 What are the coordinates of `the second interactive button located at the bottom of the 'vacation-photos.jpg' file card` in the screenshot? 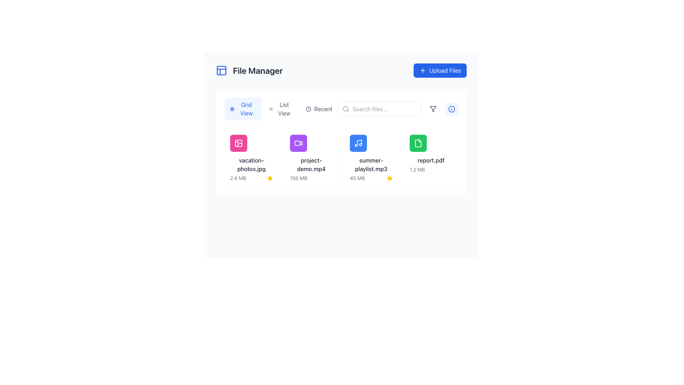 It's located at (251, 177).